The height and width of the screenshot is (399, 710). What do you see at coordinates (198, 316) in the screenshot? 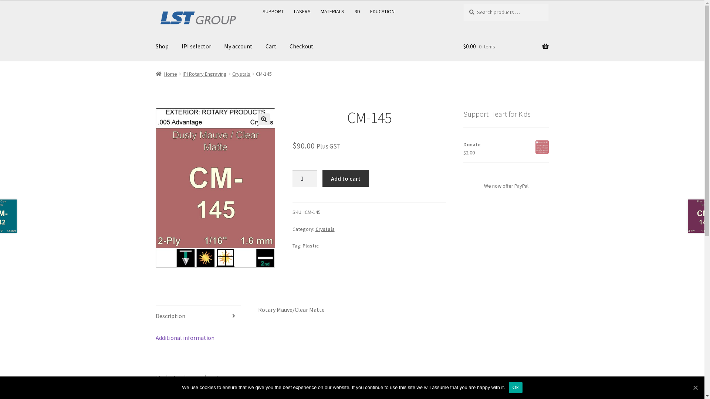
I see `'Description'` at bounding box center [198, 316].